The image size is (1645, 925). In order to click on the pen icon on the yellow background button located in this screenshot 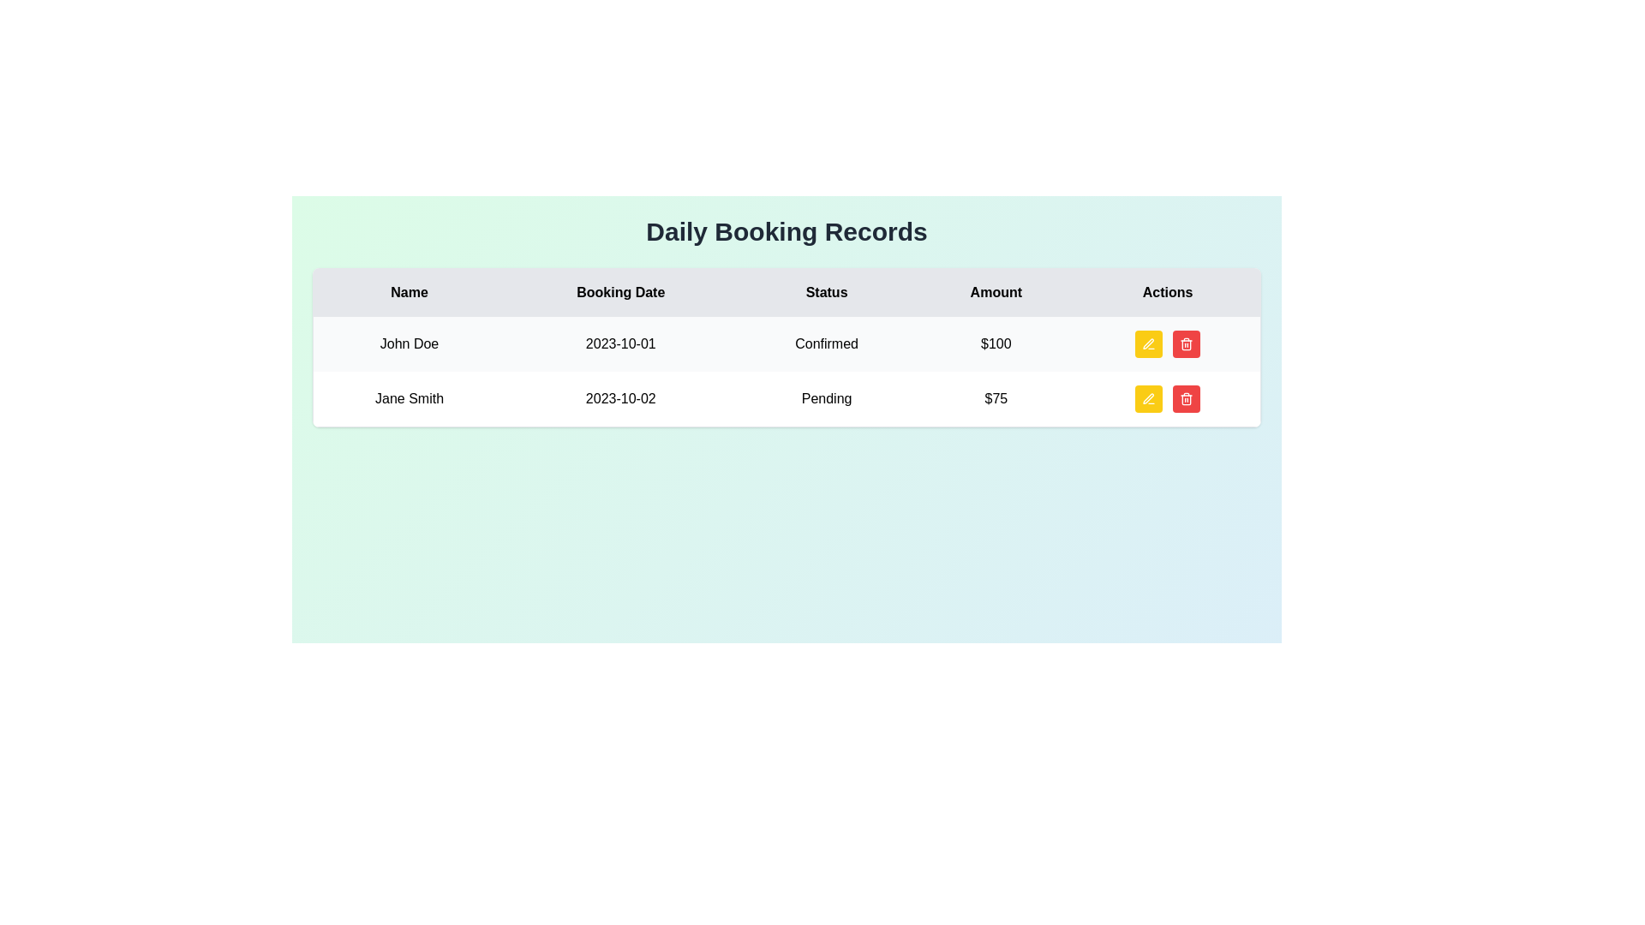, I will do `click(1148, 343)`.